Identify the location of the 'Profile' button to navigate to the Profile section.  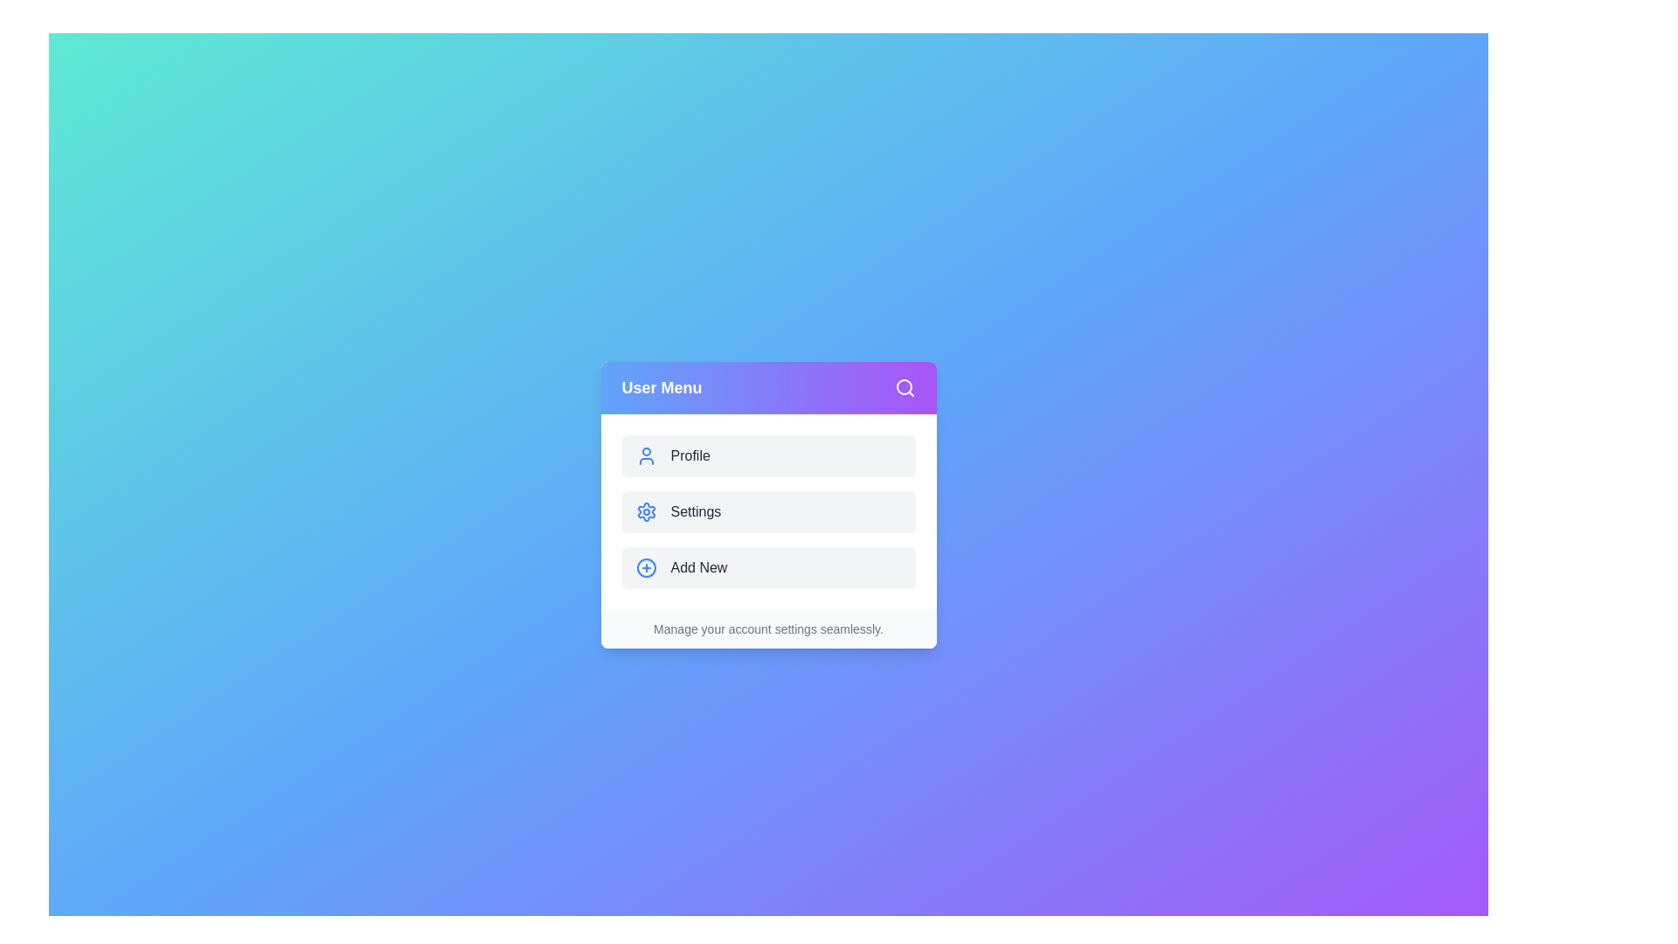
(768, 455).